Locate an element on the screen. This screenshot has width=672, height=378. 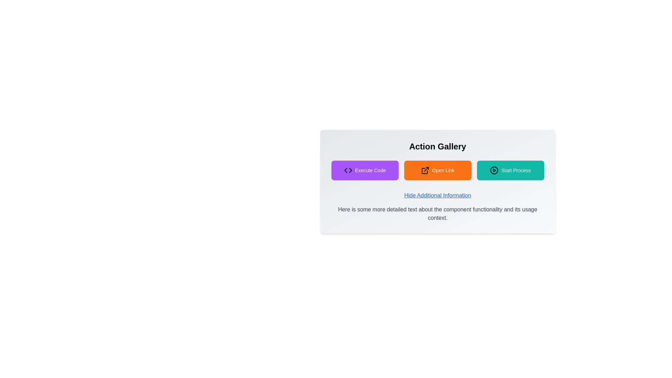
the button that initiates a process, located in the rightmost column of the grid layout is located at coordinates (510, 170).